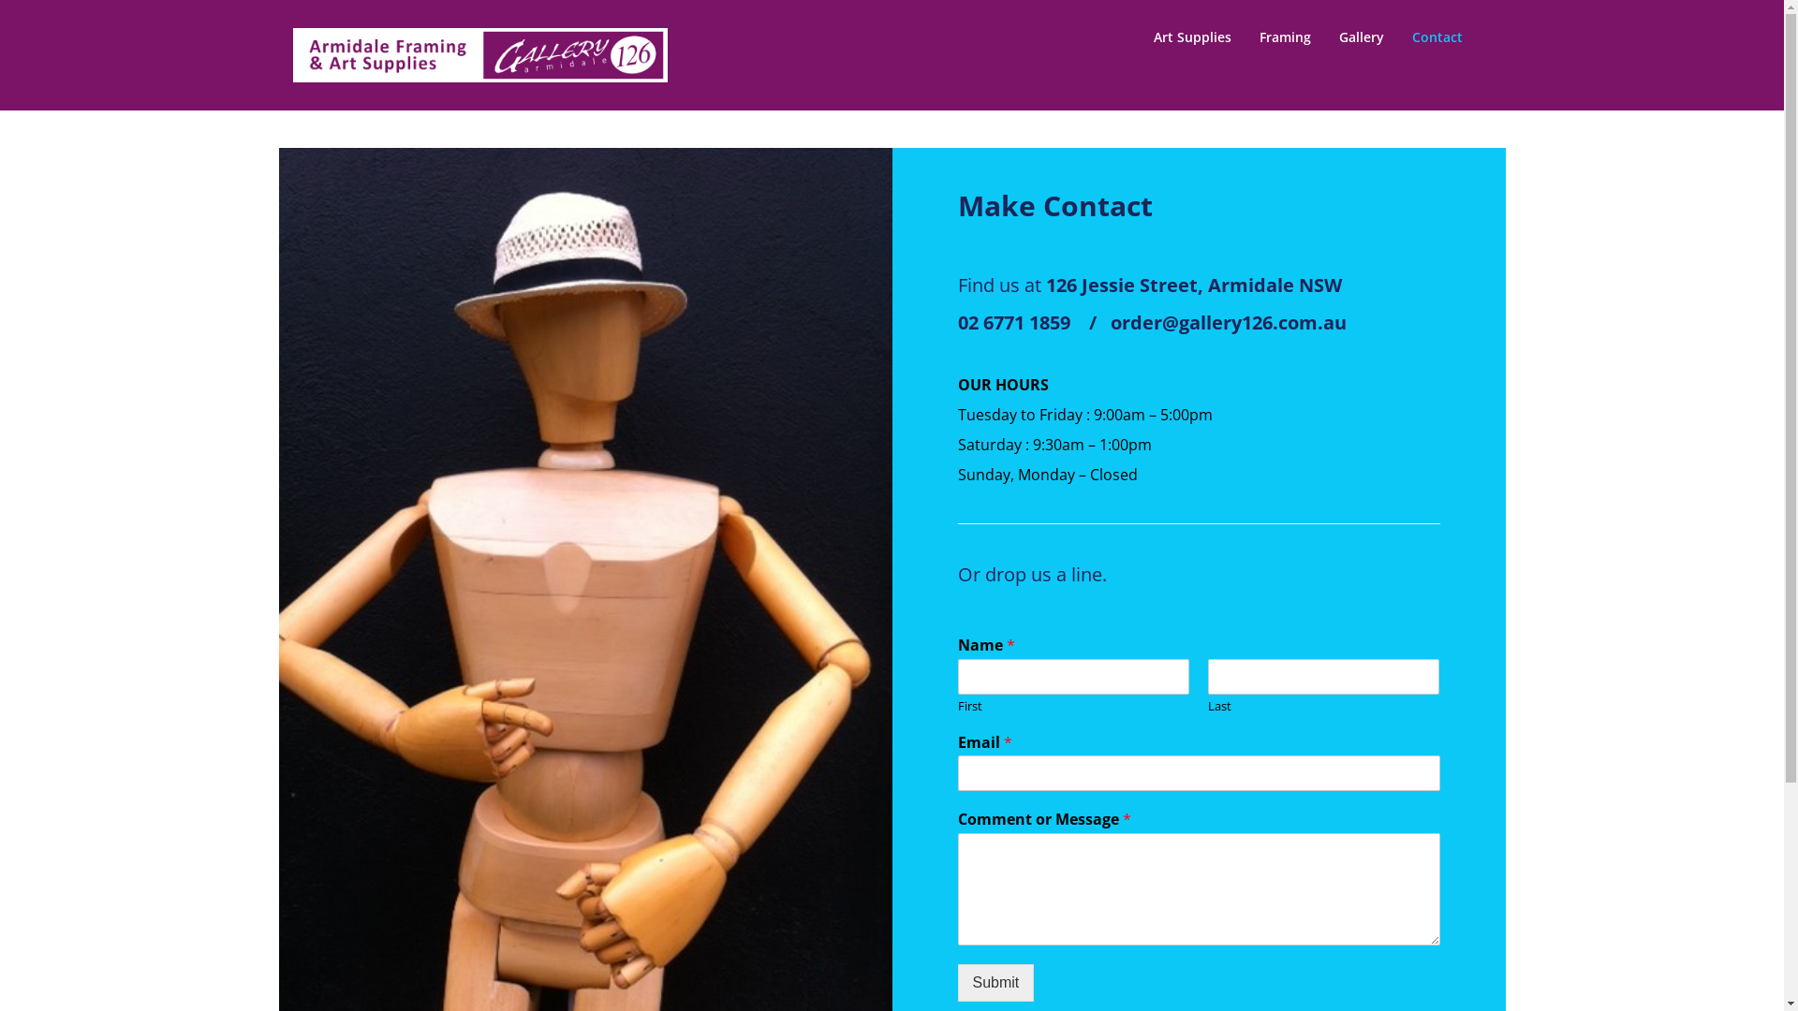 Image resolution: width=1798 pixels, height=1011 pixels. I want to click on 'Contact', so click(1437, 37).